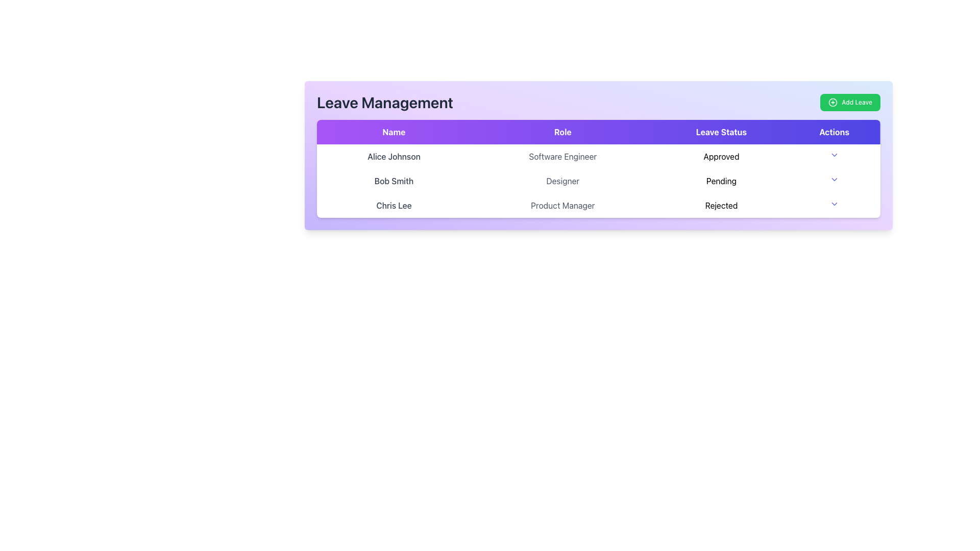  What do you see at coordinates (598, 180) in the screenshot?
I see `the table row element displaying information about 'Bob Smith', which includes their role as 'Designer' and leave status 'Pending'` at bounding box center [598, 180].